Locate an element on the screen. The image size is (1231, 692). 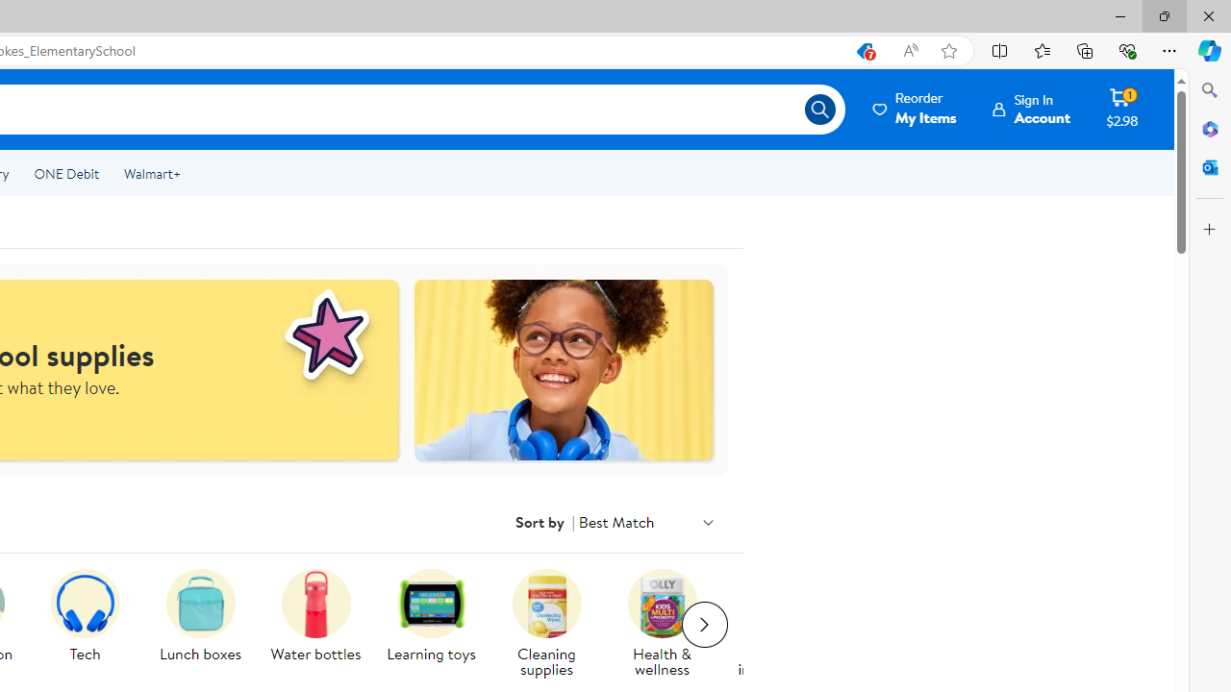
'ONE Debit' is located at coordinates (66, 174).